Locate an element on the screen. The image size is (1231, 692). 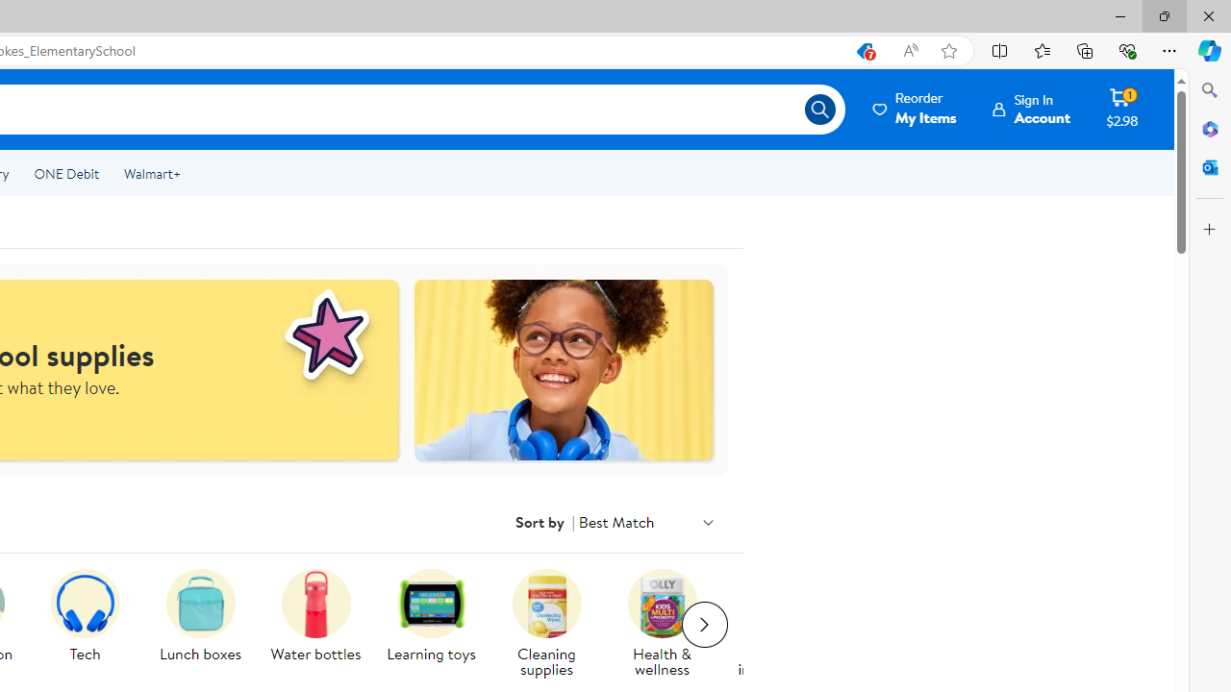
'ONE Debit' is located at coordinates (66, 174).